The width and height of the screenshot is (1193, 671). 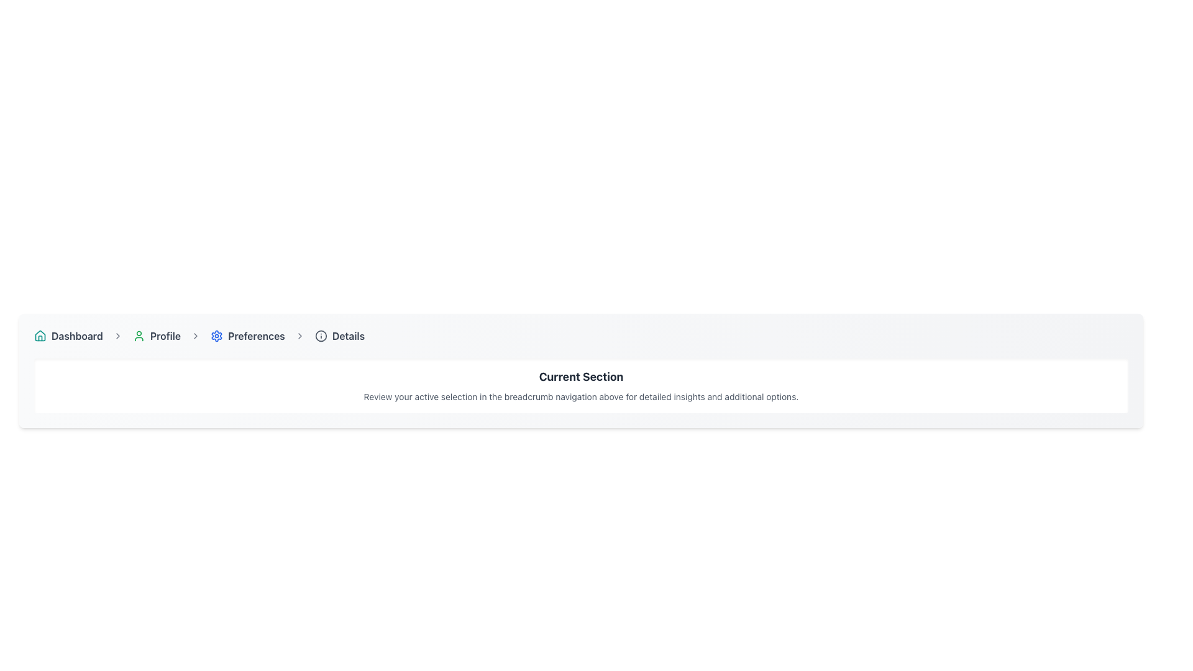 I want to click on text displayed on the 'Details' text label, which is part of the breadcrumb navigation bar and styled in bold dark gray, so click(x=348, y=335).